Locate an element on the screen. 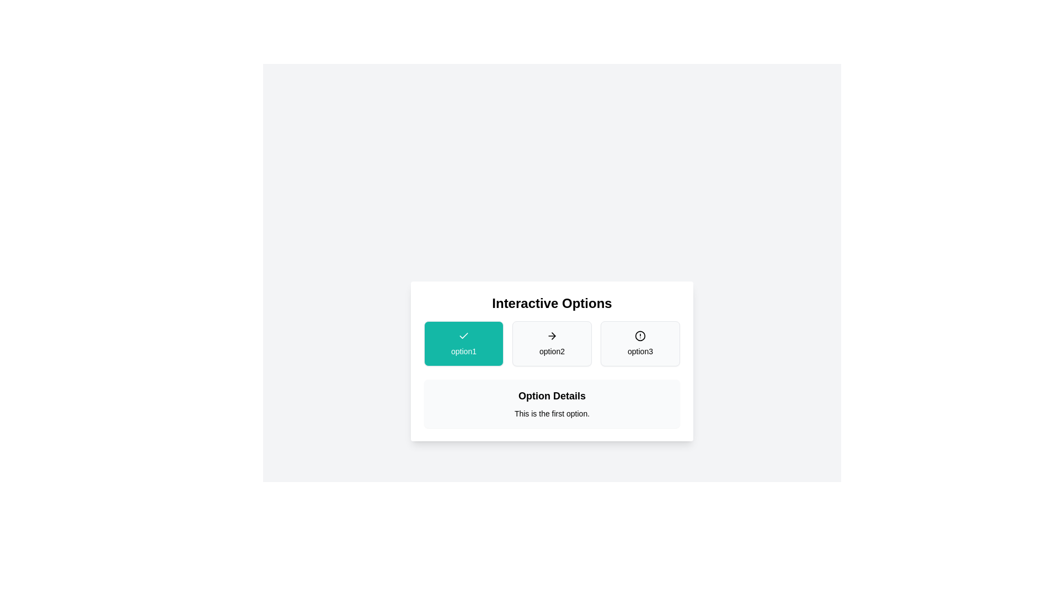  the second interactive card in the 'Interactive Options' section is located at coordinates (552, 343).